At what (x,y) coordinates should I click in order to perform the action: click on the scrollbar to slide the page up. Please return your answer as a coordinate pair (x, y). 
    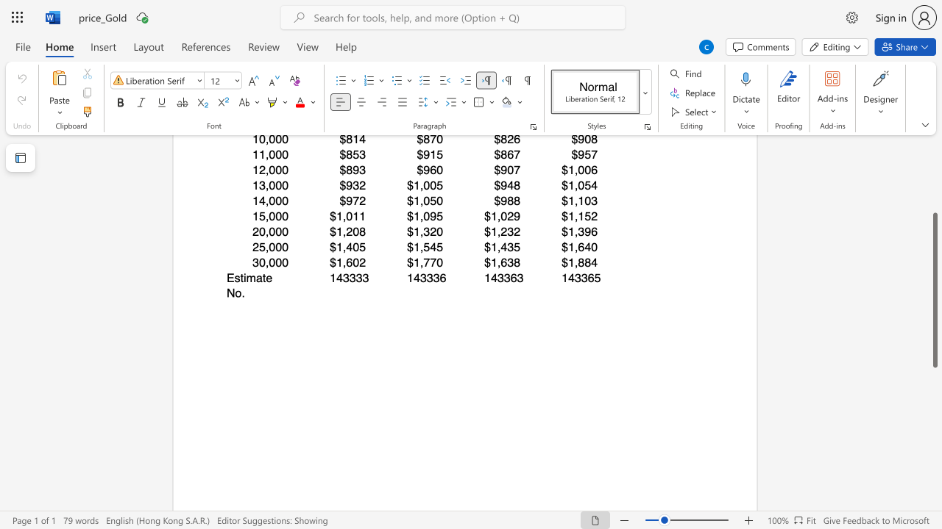
    Looking at the image, I should click on (934, 190).